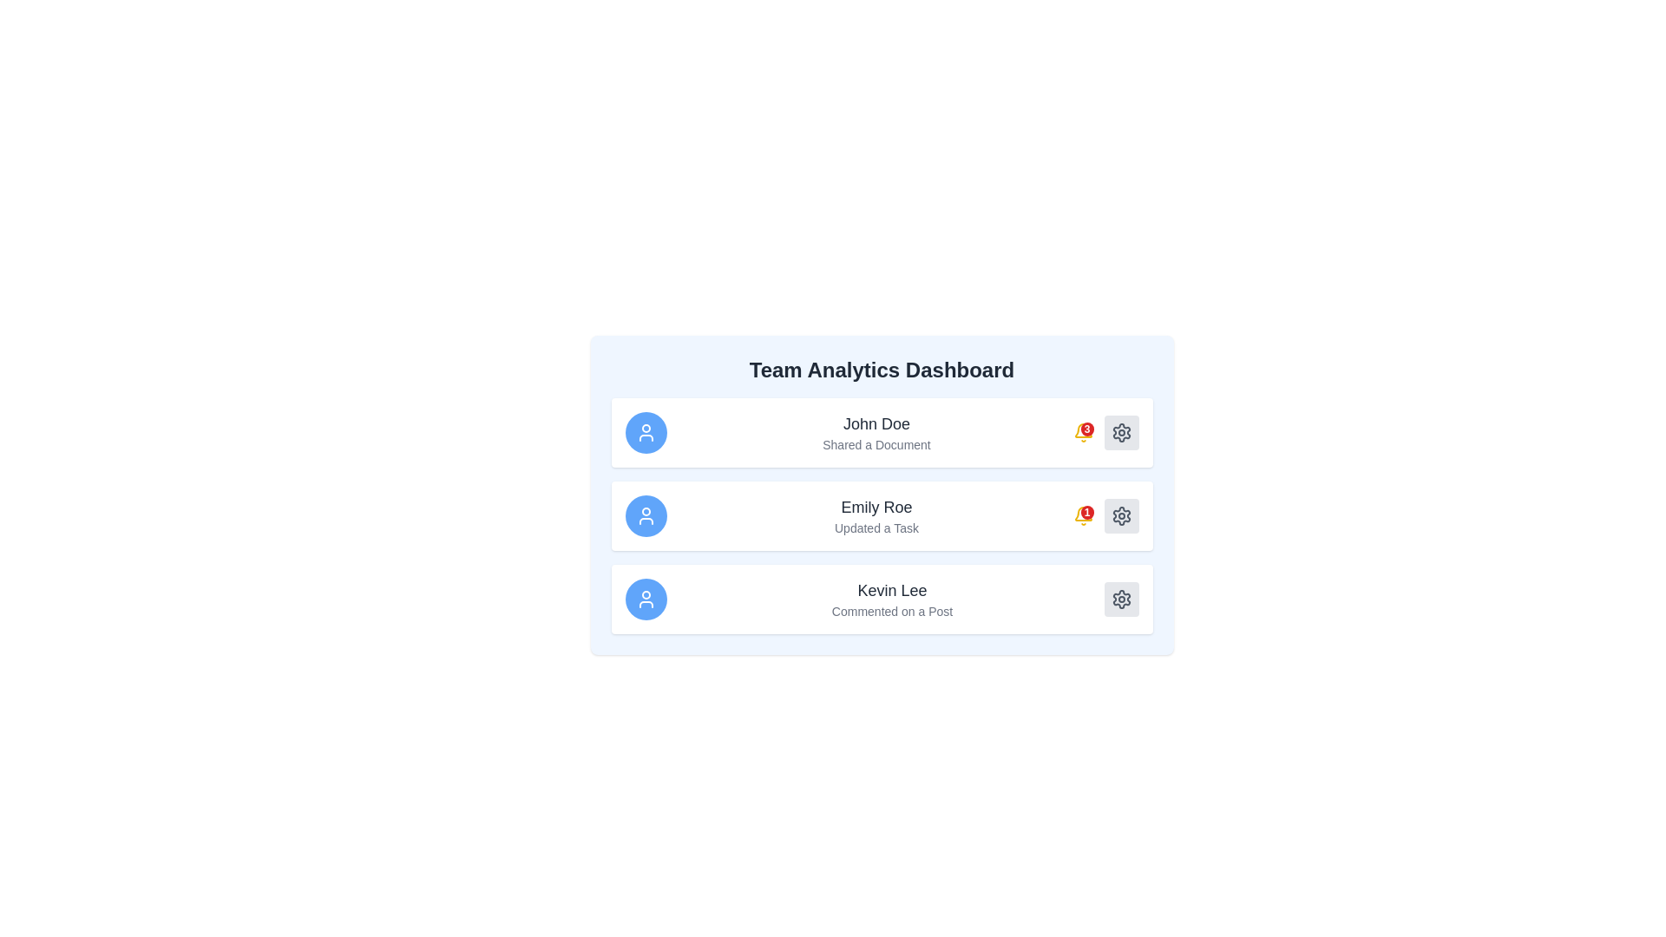 This screenshot has width=1666, height=937. Describe the element at coordinates (1121, 431) in the screenshot. I see `the circular gear icon button located to the far right of the first row in the dashboard` at that location.